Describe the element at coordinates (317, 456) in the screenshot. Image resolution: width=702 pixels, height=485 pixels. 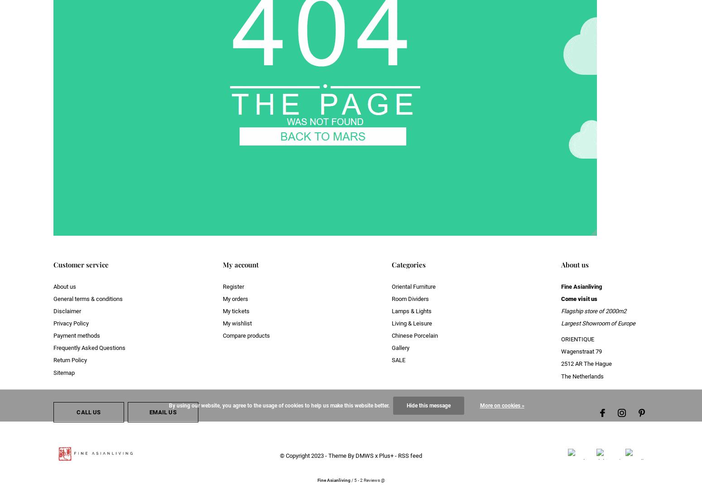
I see `'2023'` at that location.